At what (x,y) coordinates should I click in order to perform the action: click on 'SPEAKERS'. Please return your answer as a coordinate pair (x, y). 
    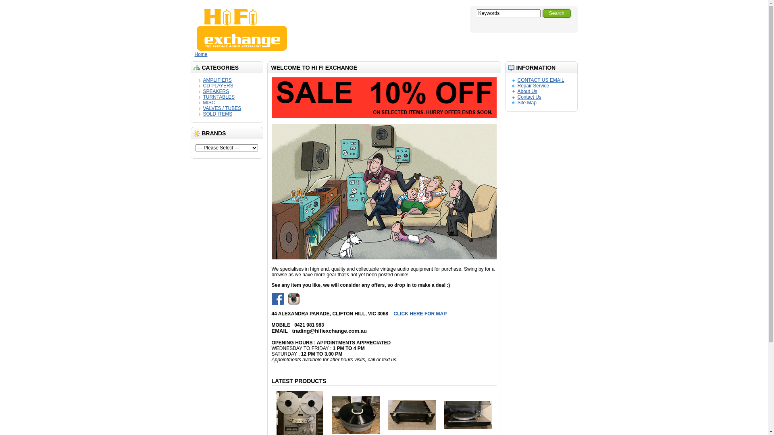
    Looking at the image, I should click on (216, 91).